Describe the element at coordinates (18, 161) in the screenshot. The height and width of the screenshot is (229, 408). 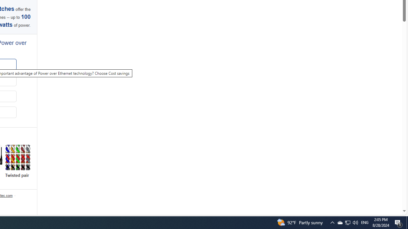
I see `'Explore more Twisted pair'` at that location.